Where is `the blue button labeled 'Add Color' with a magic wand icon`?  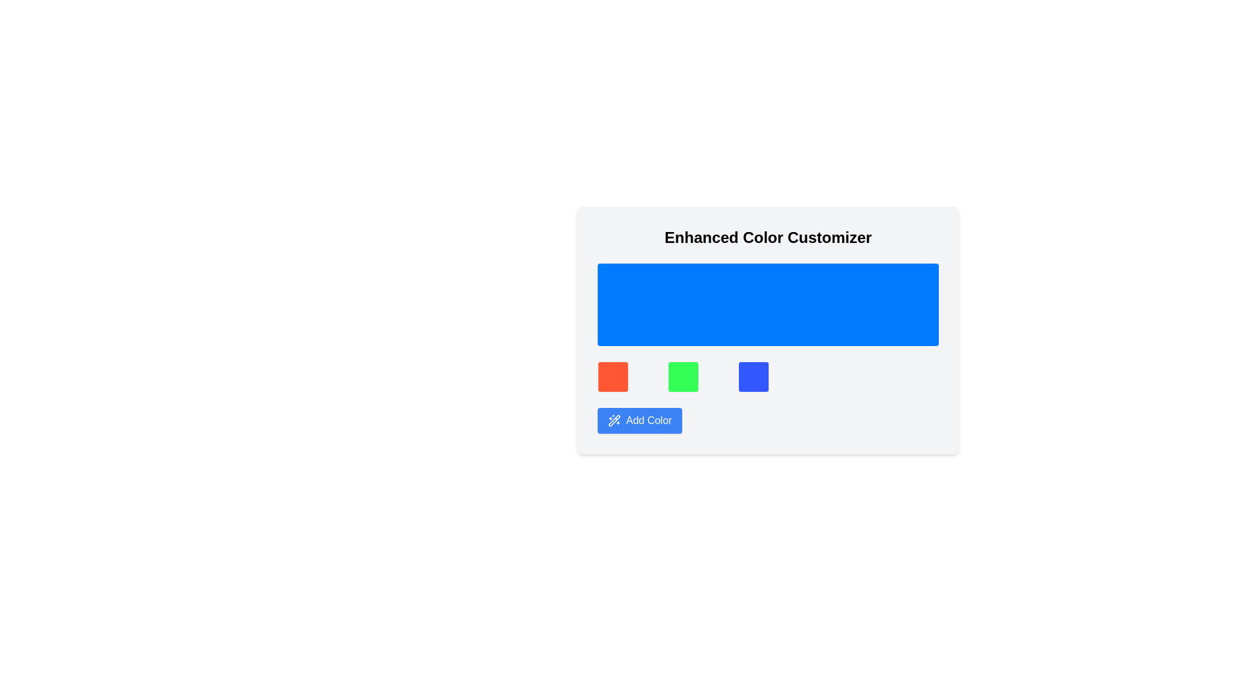
the blue button labeled 'Add Color' with a magic wand icon is located at coordinates (640, 420).